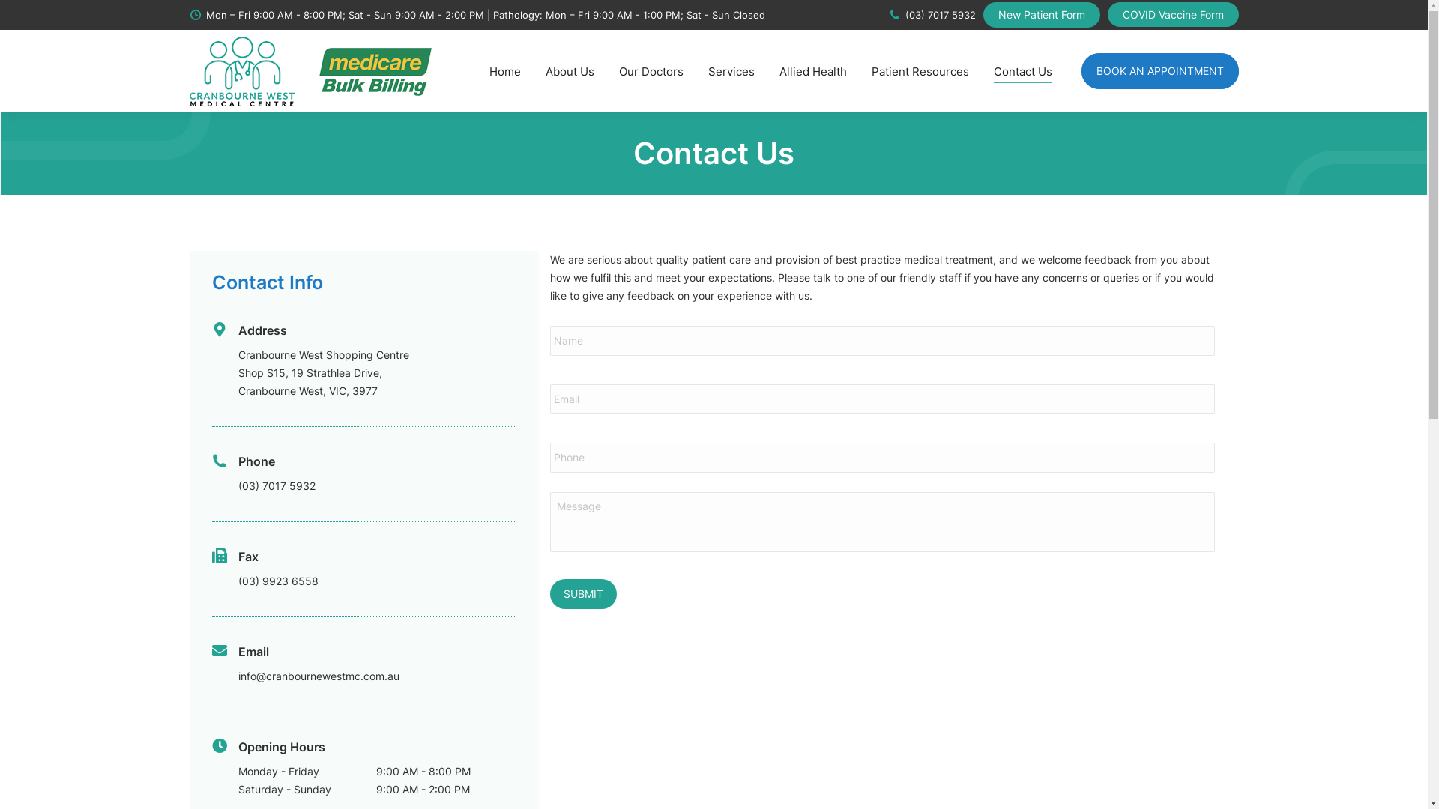 The image size is (1439, 809). I want to click on 'Allied Health', so click(812, 71).